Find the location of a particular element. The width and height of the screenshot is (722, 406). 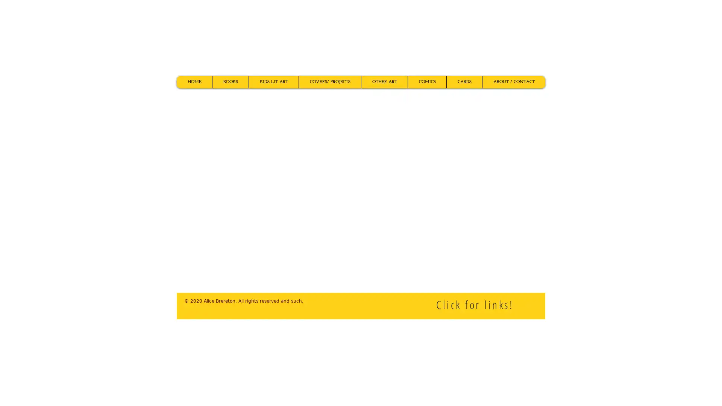

play backward is located at coordinates (185, 200).